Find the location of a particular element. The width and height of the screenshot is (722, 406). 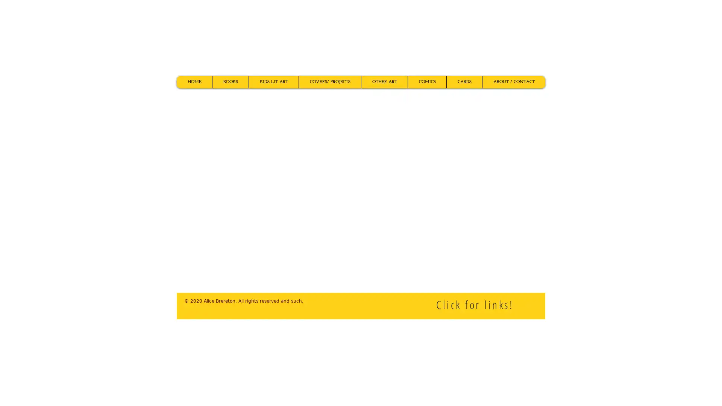

play backward is located at coordinates (185, 200).